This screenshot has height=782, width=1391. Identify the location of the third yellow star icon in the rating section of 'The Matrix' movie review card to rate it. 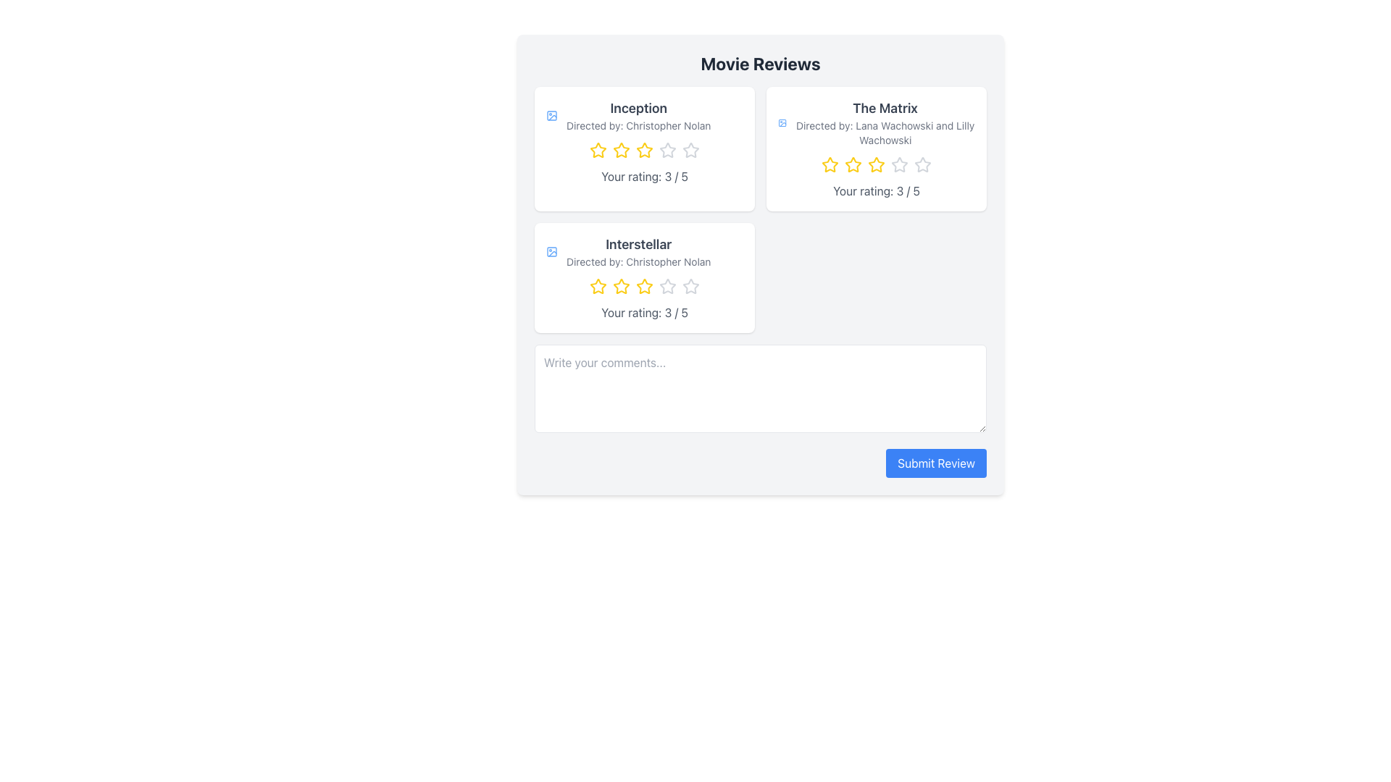
(875, 164).